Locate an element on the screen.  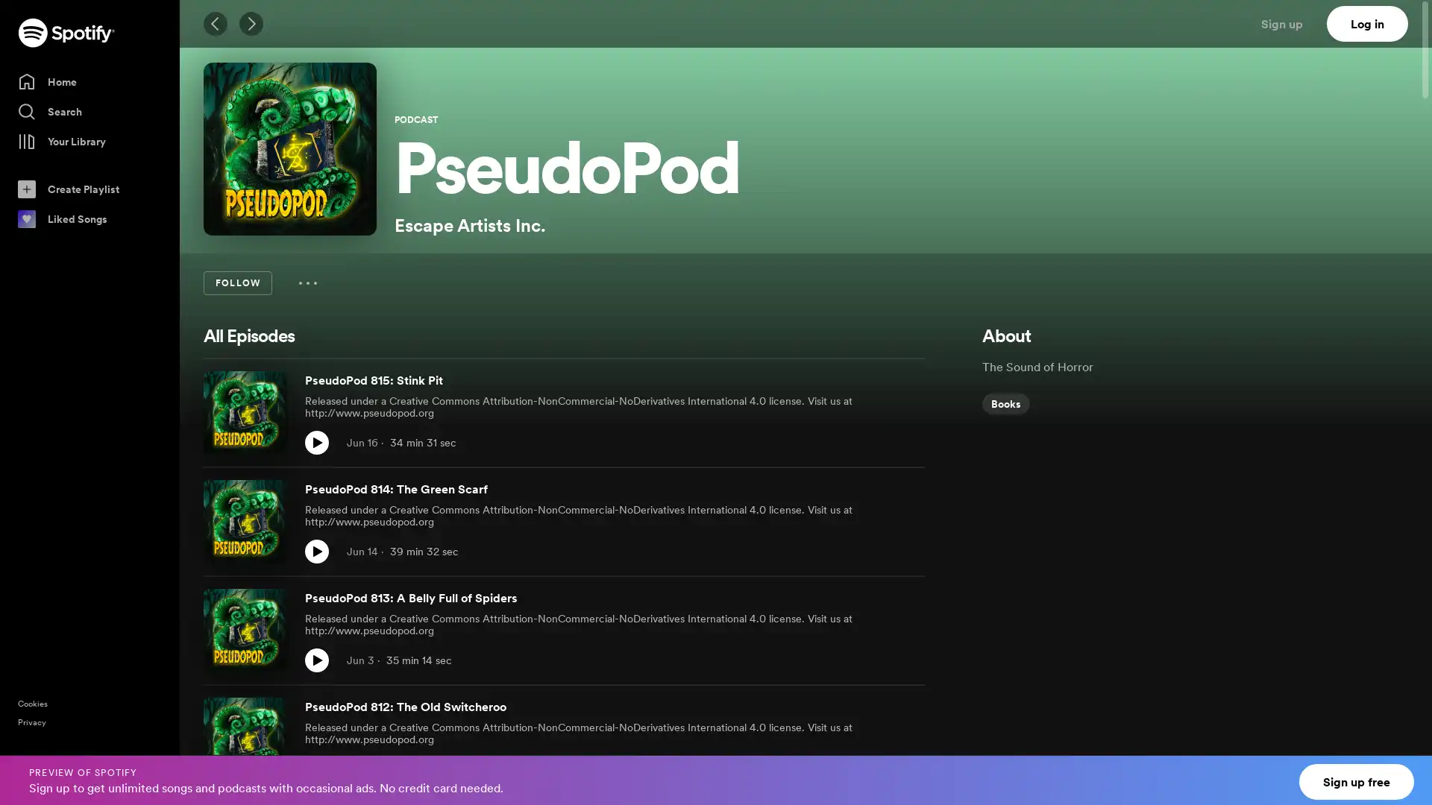
Log in is located at coordinates (1367, 23).